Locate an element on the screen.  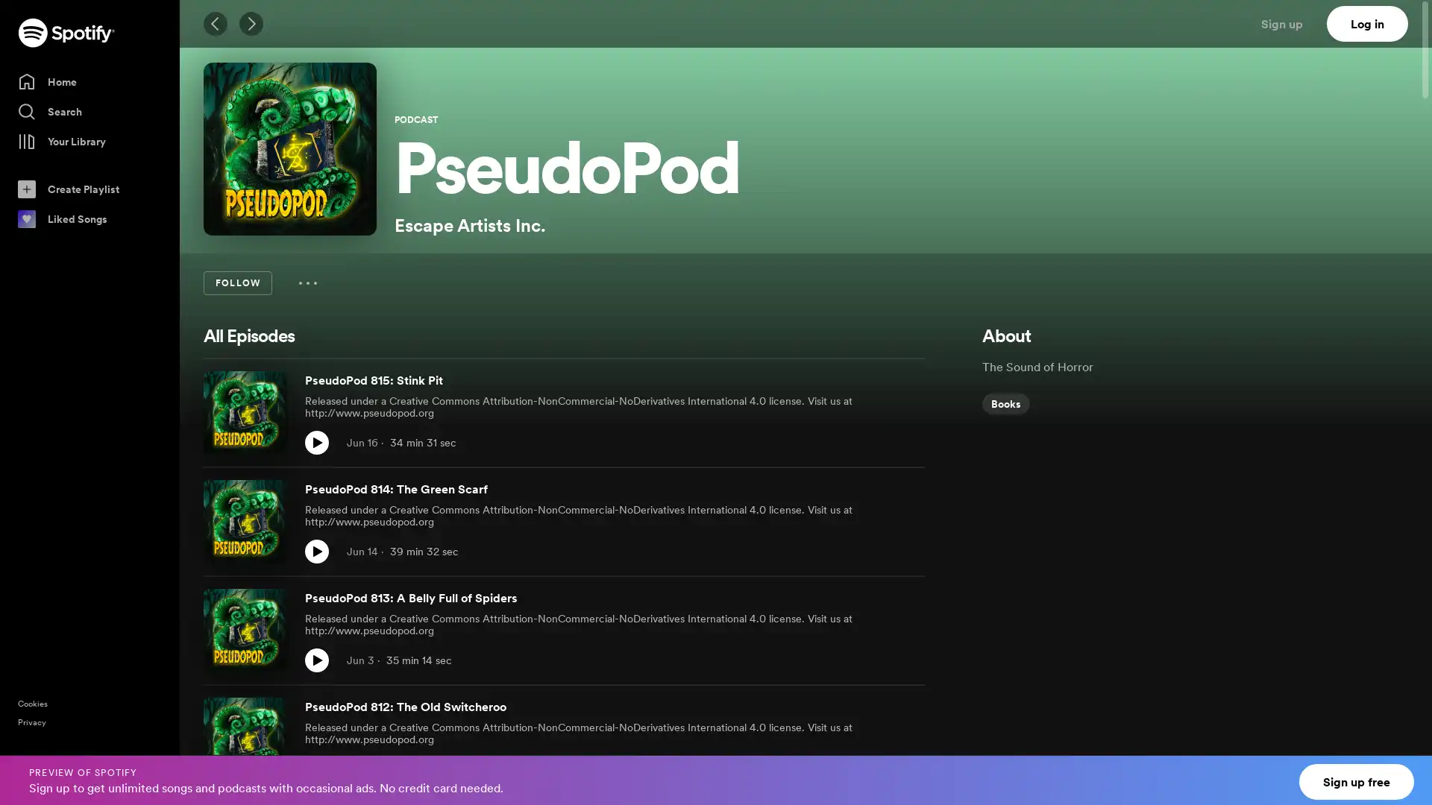
Log in is located at coordinates (1367, 23).